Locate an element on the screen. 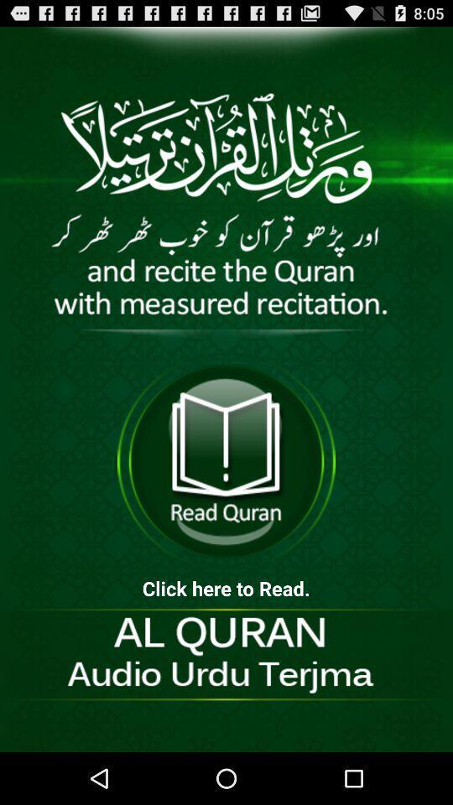 The image size is (453, 805). open ebook is located at coordinates (226, 461).